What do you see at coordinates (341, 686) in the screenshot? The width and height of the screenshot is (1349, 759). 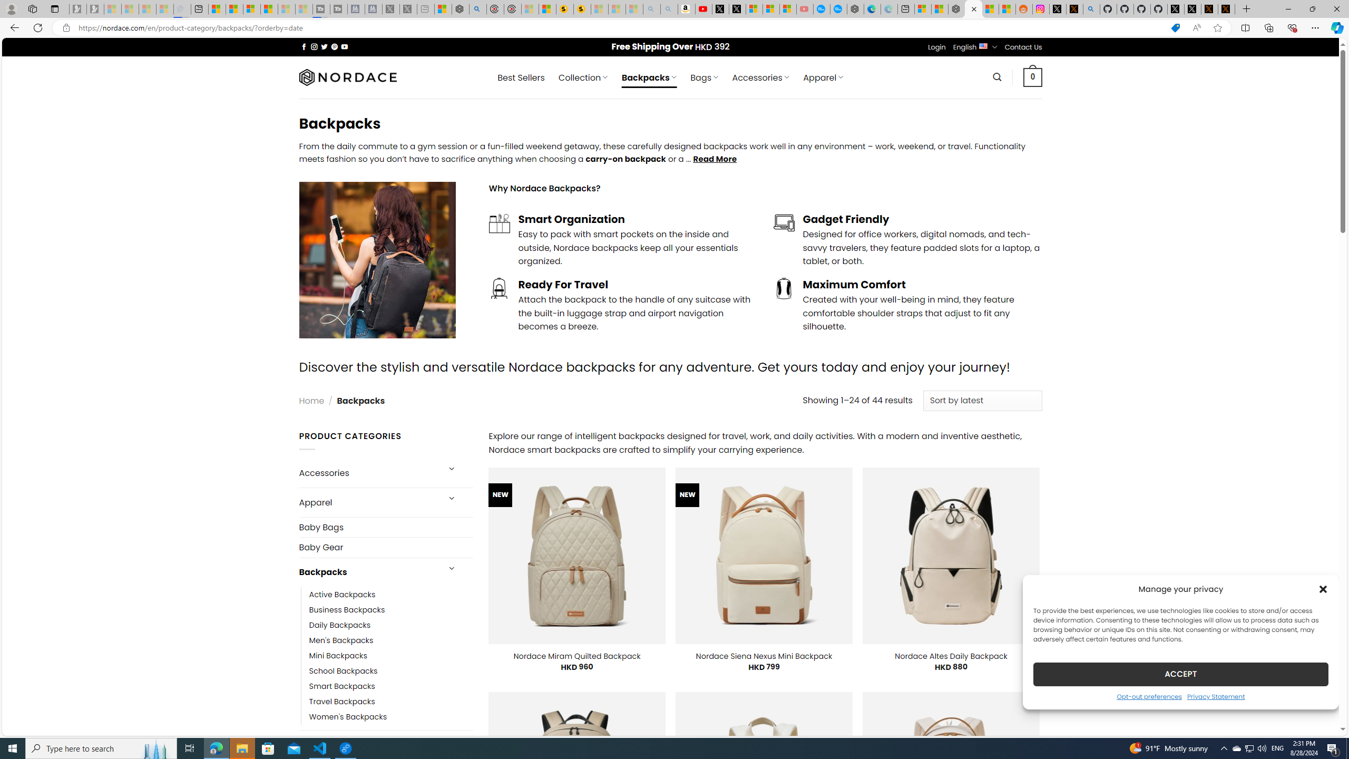 I see `'Smart Backpacks'` at bounding box center [341, 686].